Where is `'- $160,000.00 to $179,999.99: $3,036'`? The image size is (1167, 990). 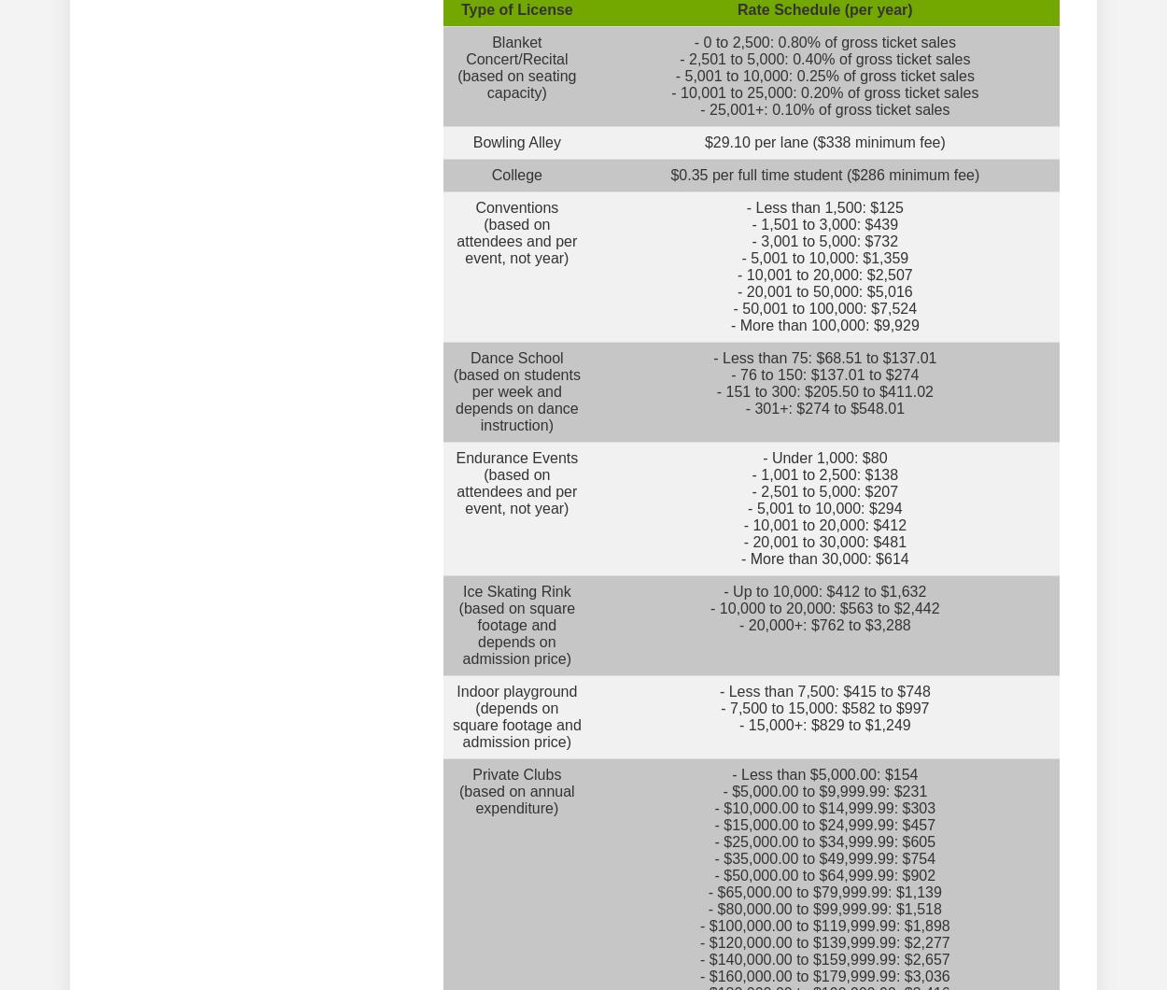 '- $160,000.00 to $179,999.99: $3,036' is located at coordinates (824, 975).